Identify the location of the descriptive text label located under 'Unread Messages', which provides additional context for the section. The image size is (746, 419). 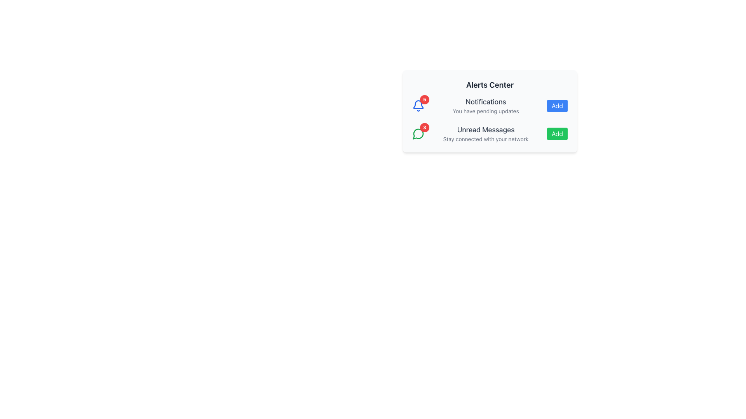
(485, 139).